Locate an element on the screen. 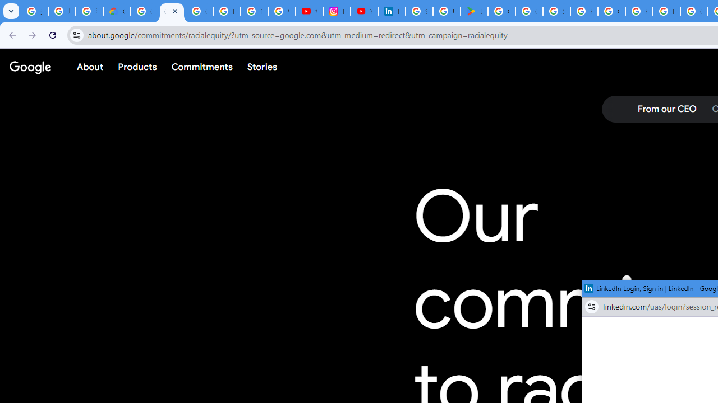  'Identity verification via Persona | LinkedIn Help' is located at coordinates (392, 11).